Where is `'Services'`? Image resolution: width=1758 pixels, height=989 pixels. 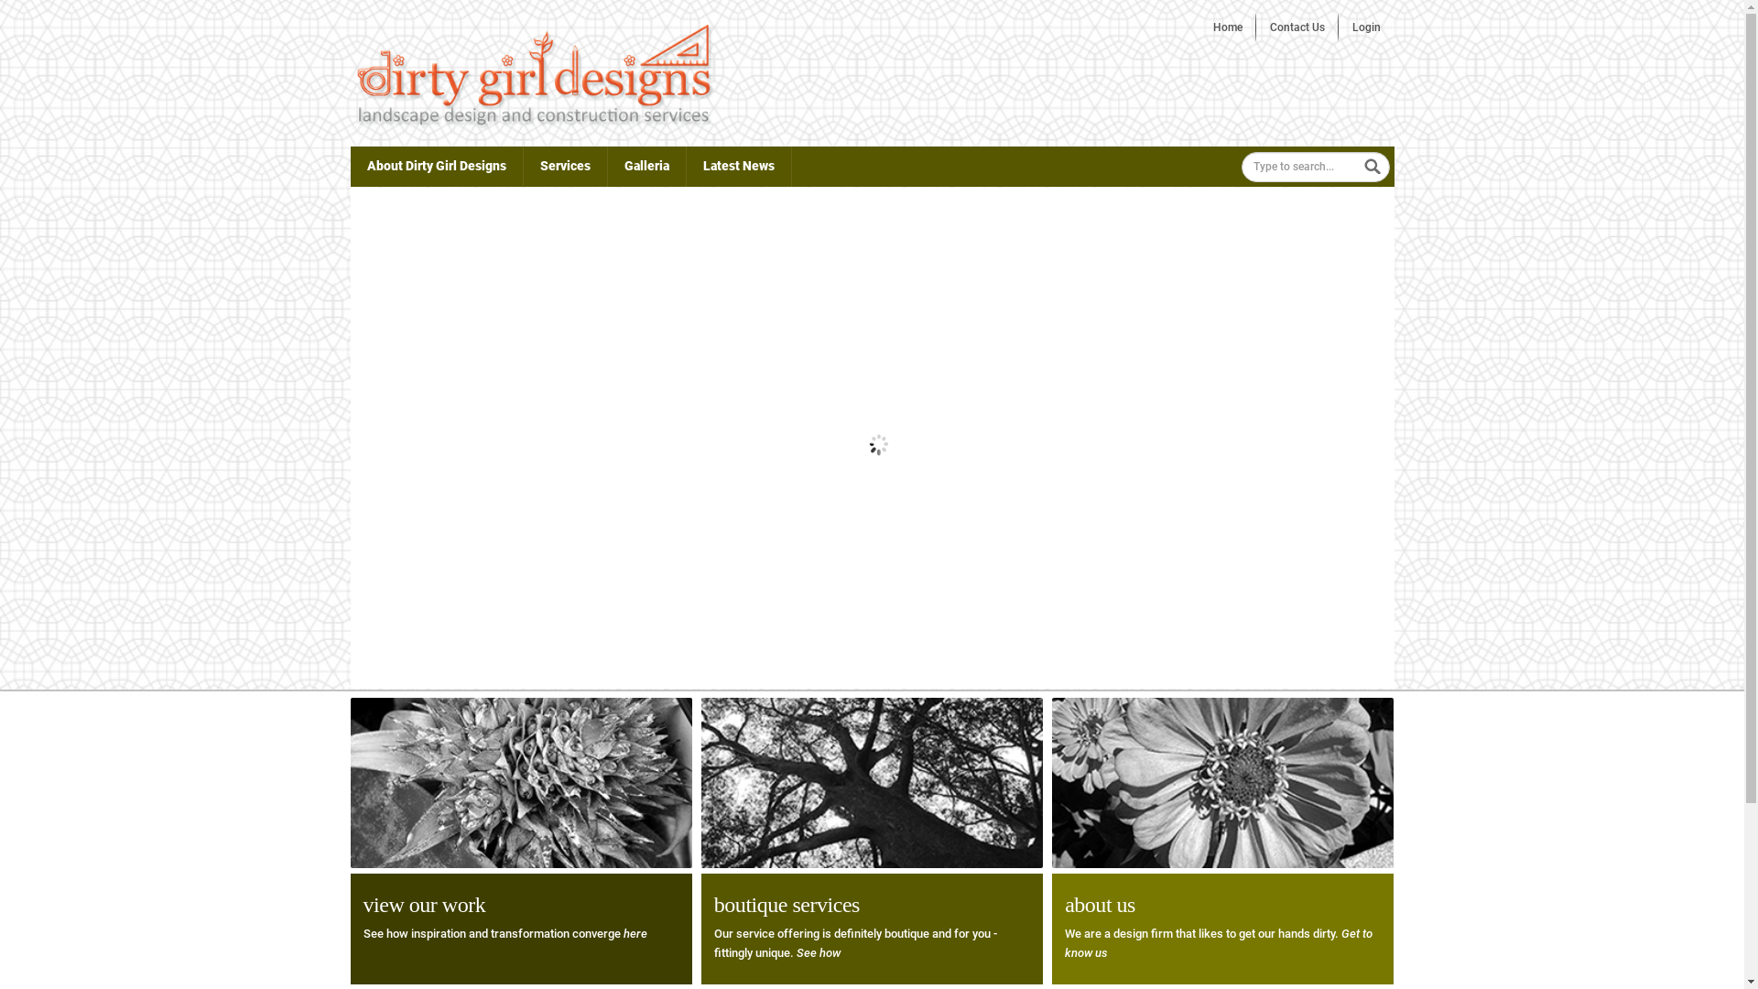 'Services' is located at coordinates (564, 166).